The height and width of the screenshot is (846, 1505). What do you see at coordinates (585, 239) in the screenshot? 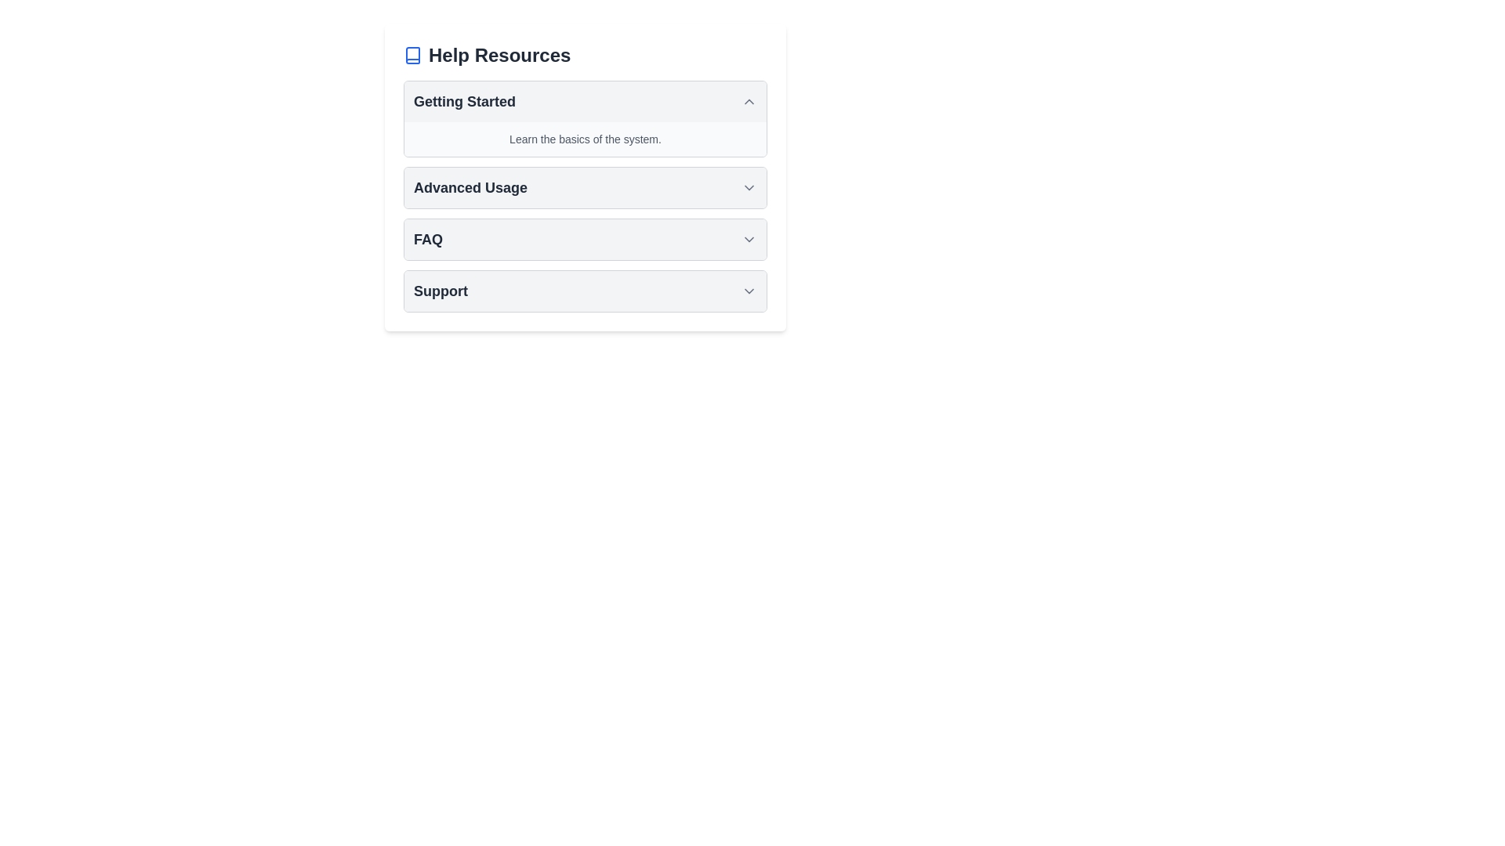
I see `the collapsible menu item labeled 'FAQ'` at bounding box center [585, 239].